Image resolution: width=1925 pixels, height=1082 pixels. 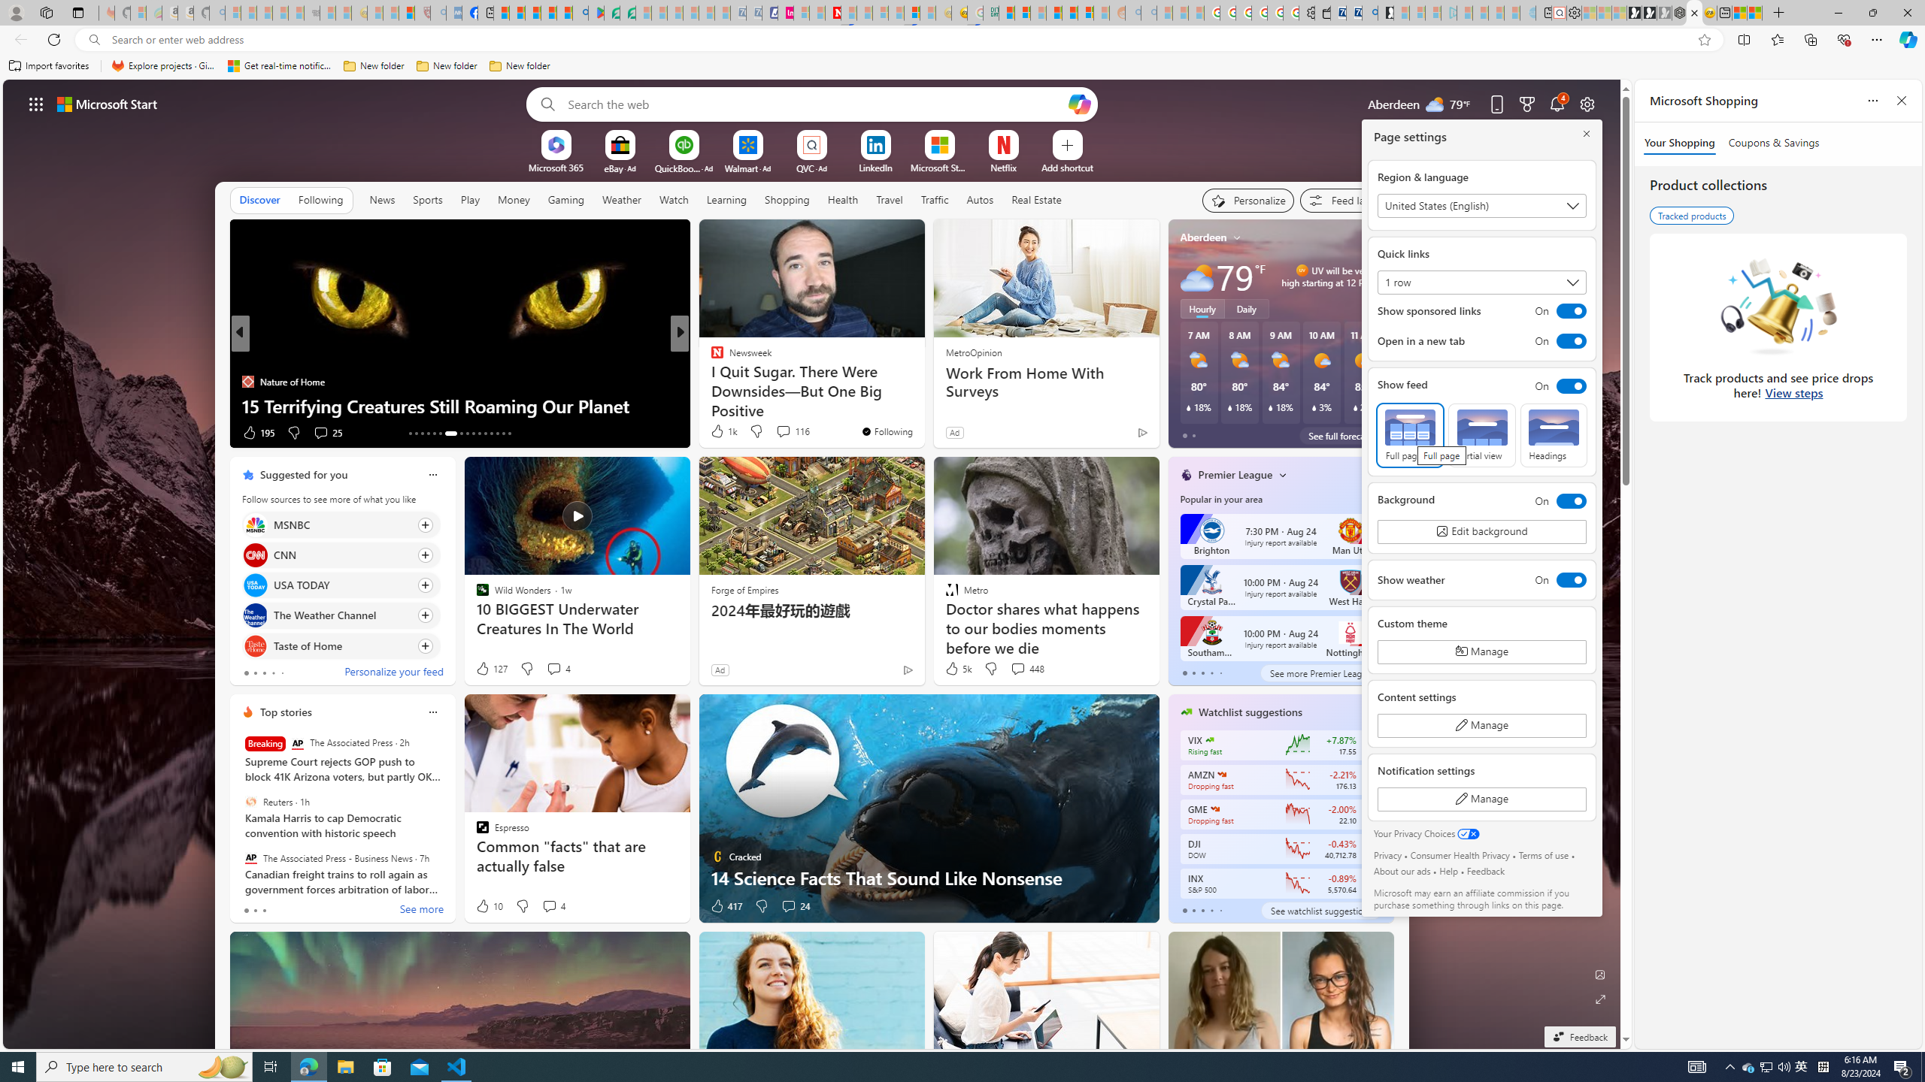 I want to click on 'Expand background', so click(x=1599, y=999).